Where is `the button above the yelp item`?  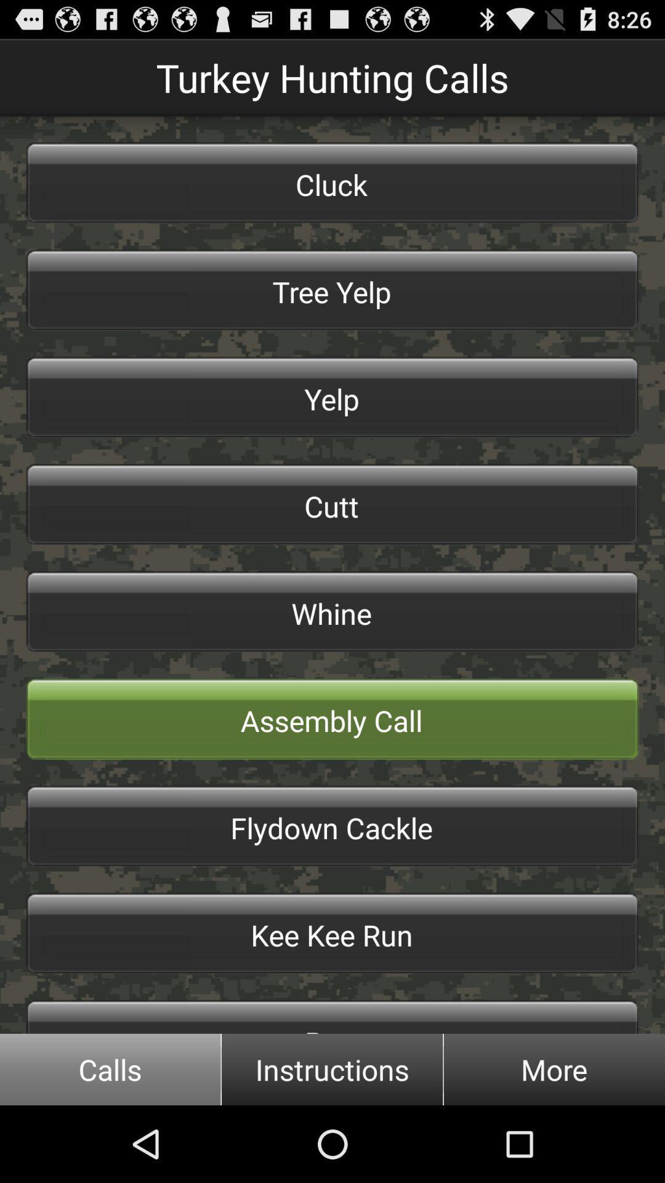 the button above the yelp item is located at coordinates (332, 289).